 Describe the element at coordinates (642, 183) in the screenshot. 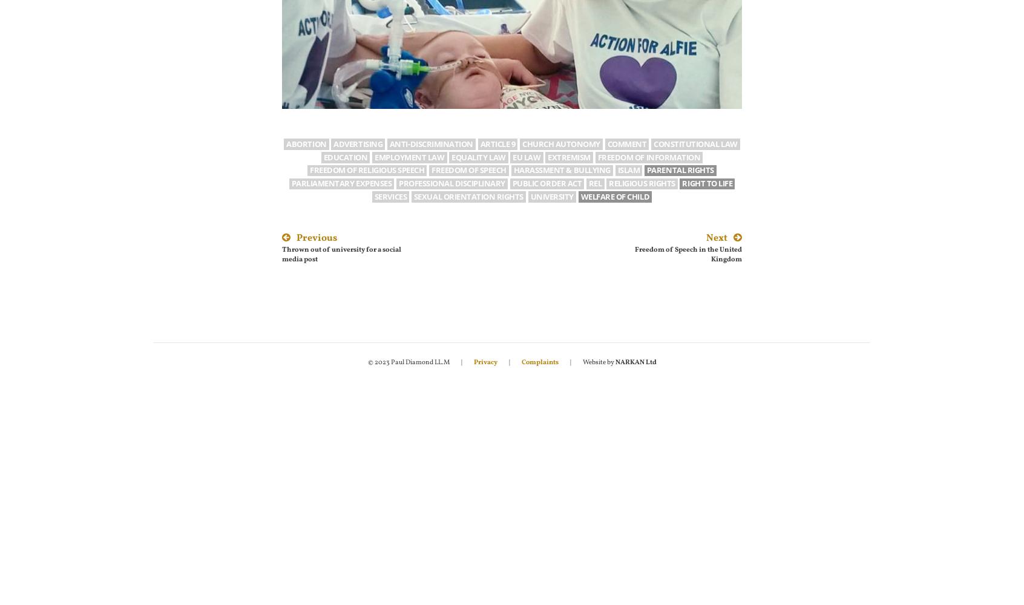

I see `'Religious rights'` at that location.